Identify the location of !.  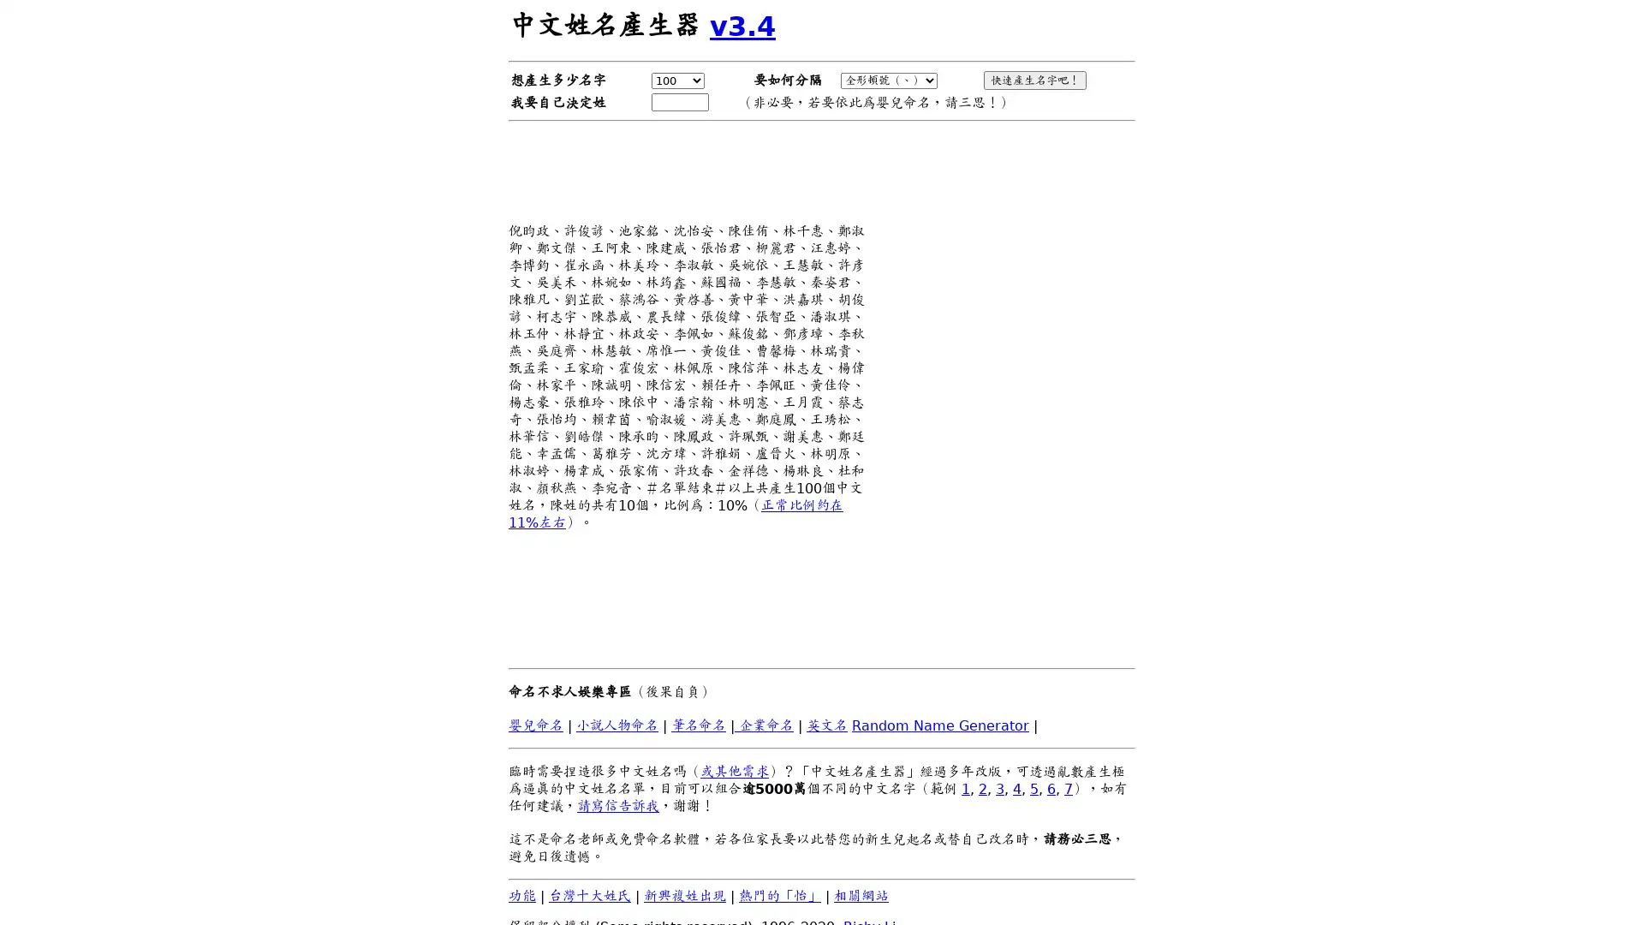
(1034, 80).